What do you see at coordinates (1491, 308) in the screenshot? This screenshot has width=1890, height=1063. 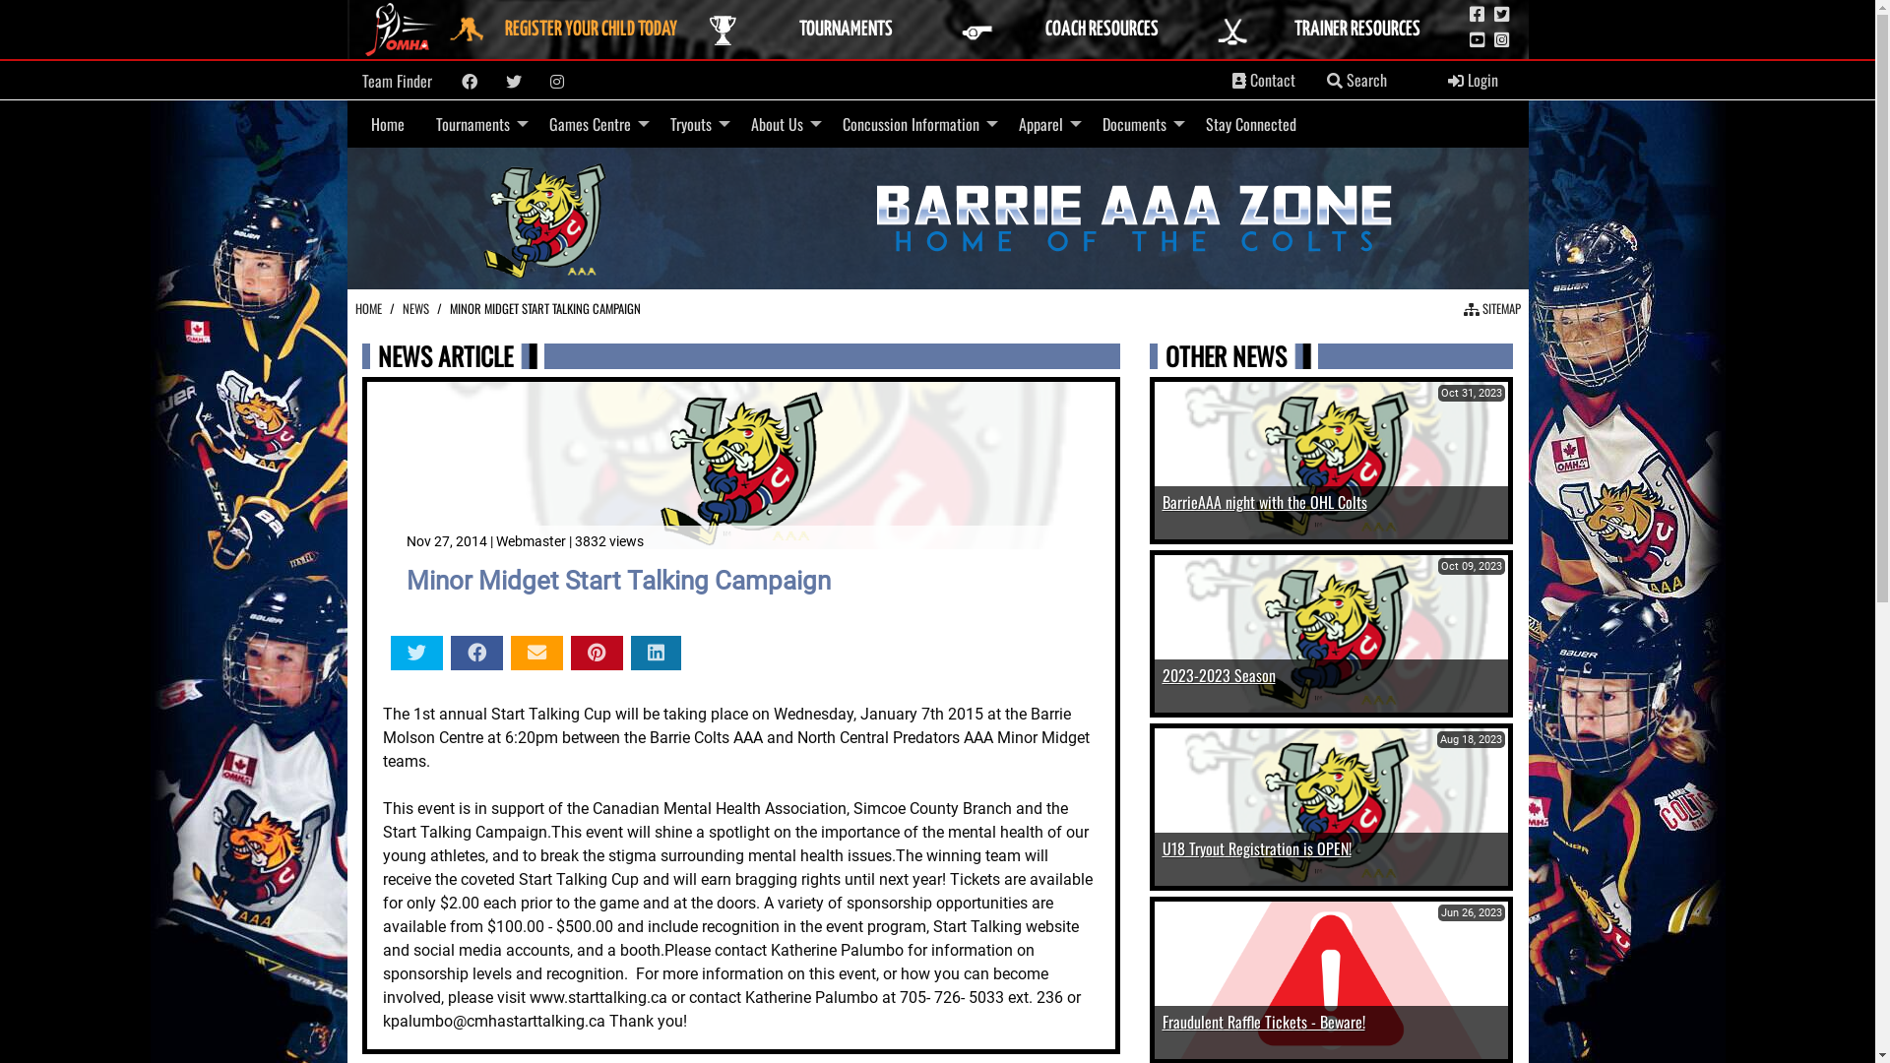 I see `' SITEMAP'` at bounding box center [1491, 308].